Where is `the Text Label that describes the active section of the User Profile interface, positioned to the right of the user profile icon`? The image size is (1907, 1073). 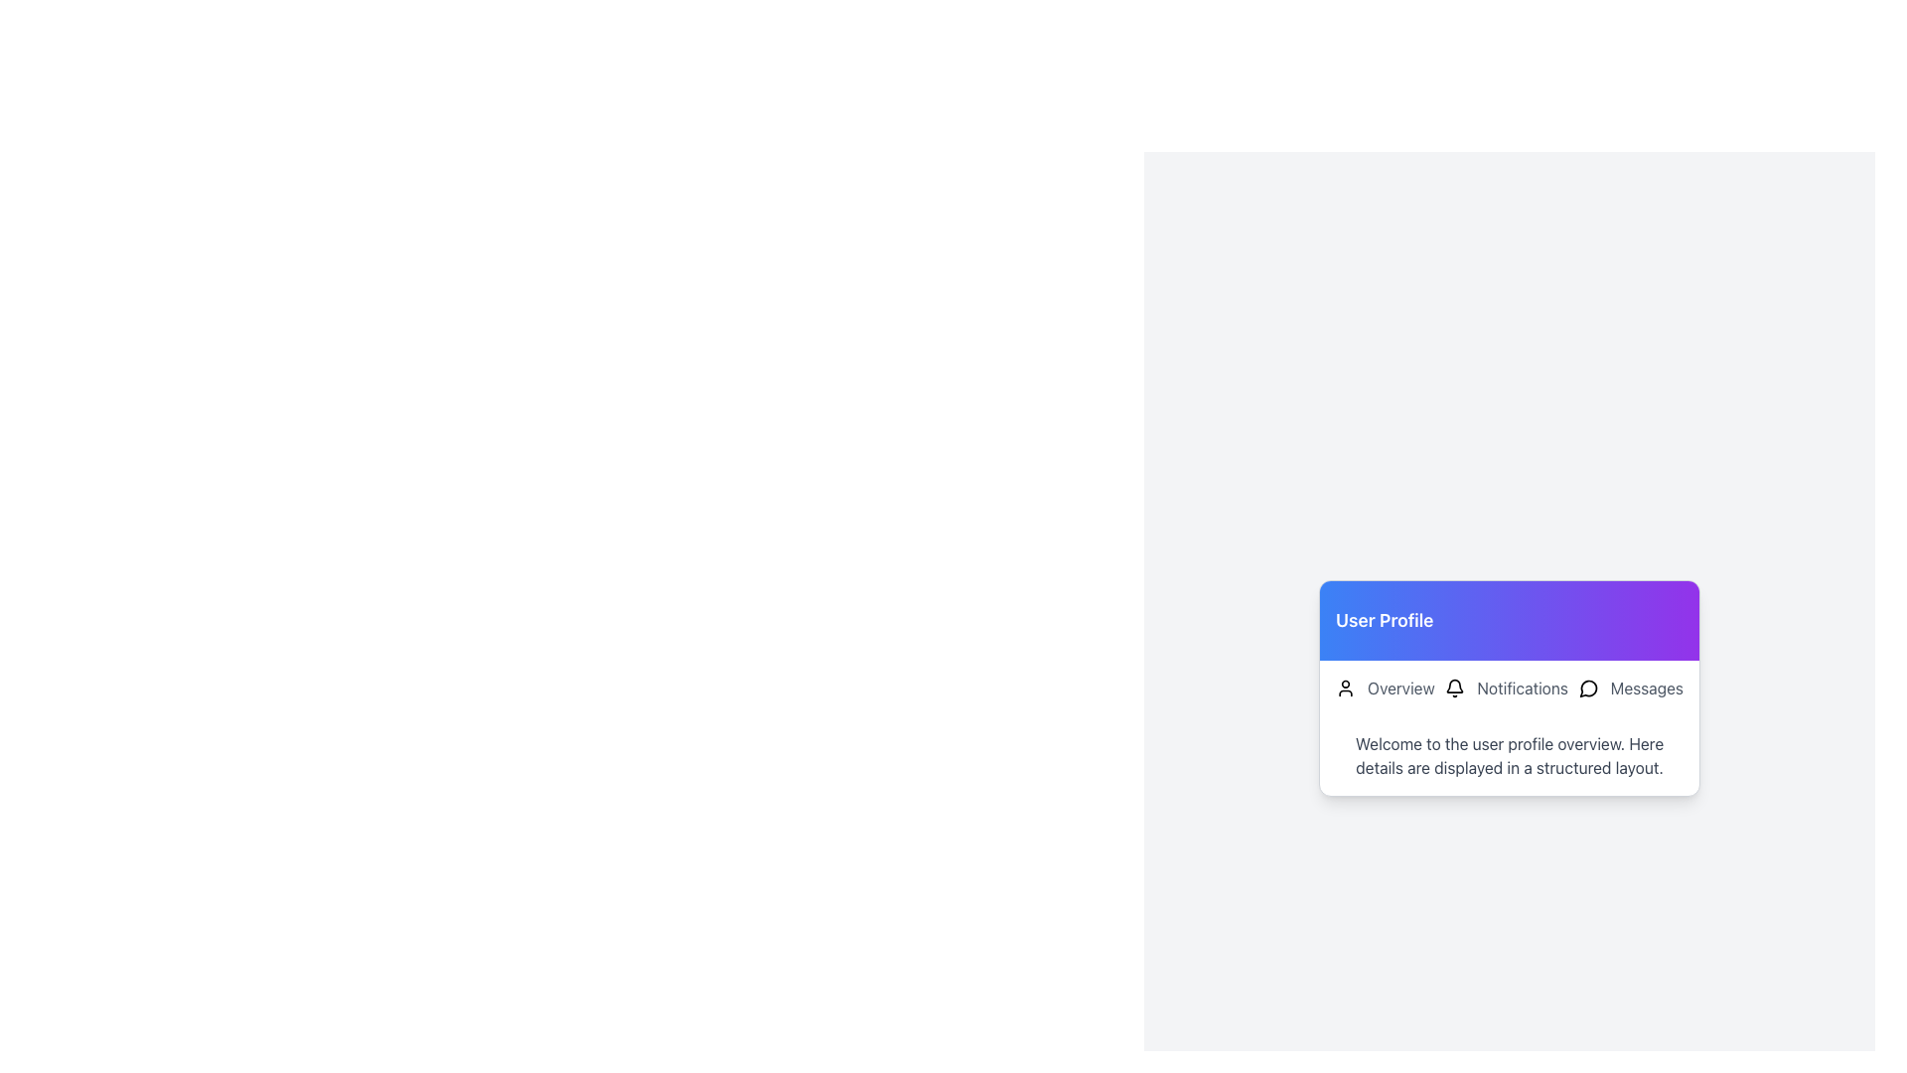 the Text Label that describes the active section of the User Profile interface, positioned to the right of the user profile icon is located at coordinates (1399, 688).